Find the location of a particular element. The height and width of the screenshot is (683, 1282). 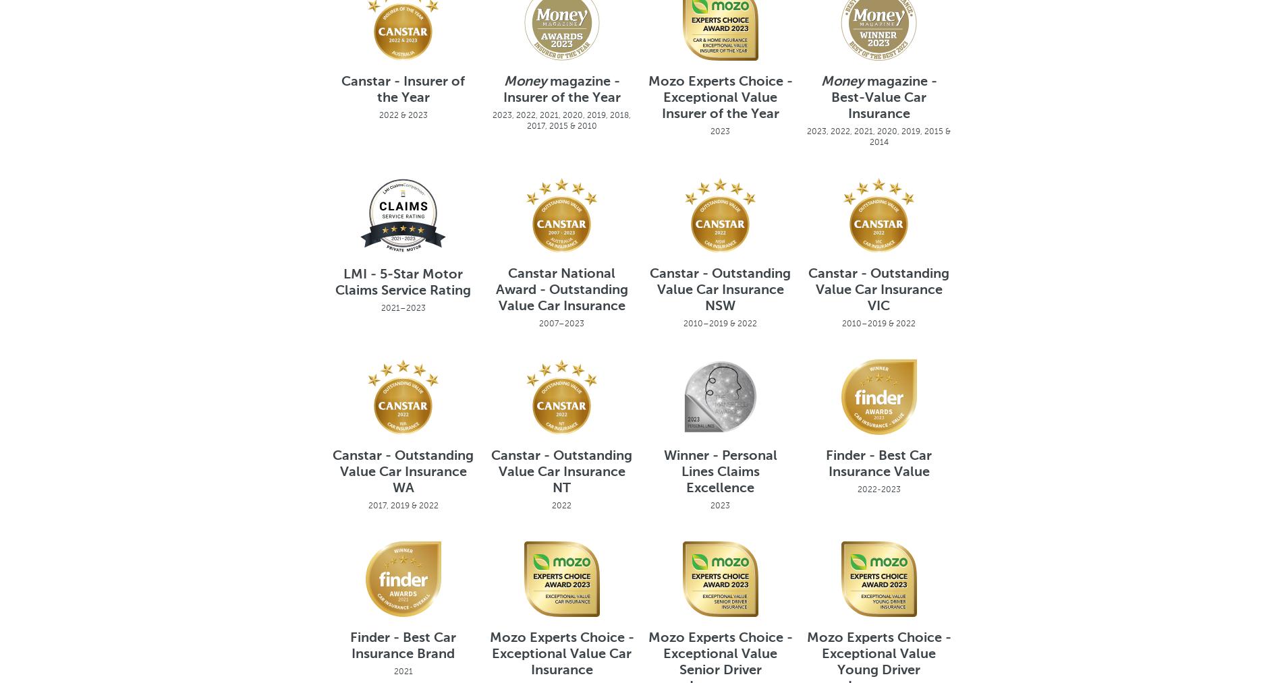

'Mozo Experts Choice - Exceptional Value Insurer of the Year' is located at coordinates (720, 97).